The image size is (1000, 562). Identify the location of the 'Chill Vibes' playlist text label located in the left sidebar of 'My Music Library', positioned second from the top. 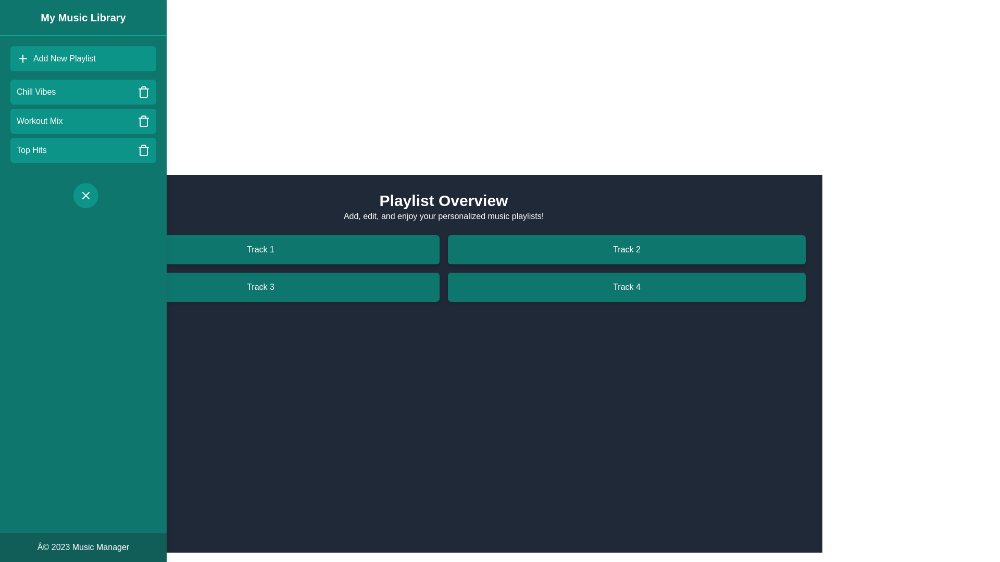
(36, 92).